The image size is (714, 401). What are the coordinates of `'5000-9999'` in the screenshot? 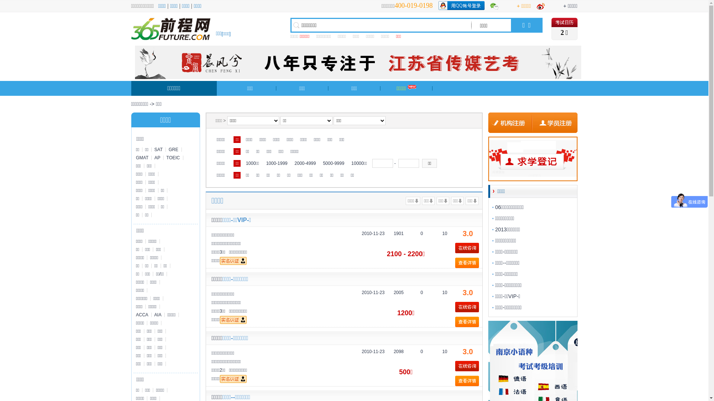 It's located at (333, 163).